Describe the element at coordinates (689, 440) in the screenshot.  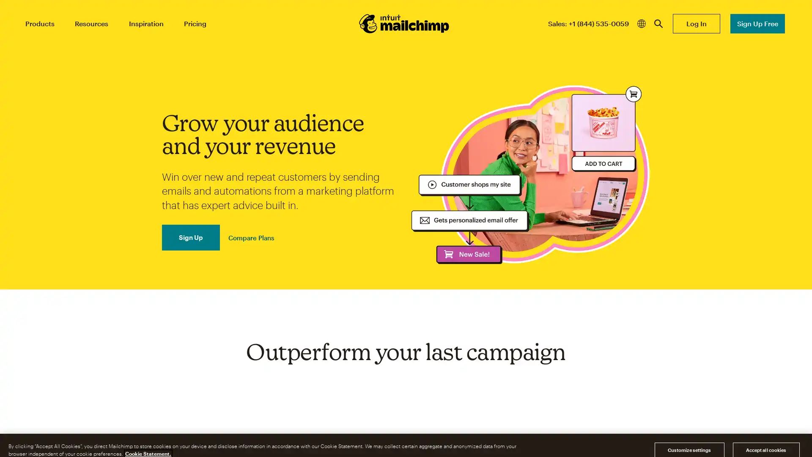
I see `Customize settings` at that location.